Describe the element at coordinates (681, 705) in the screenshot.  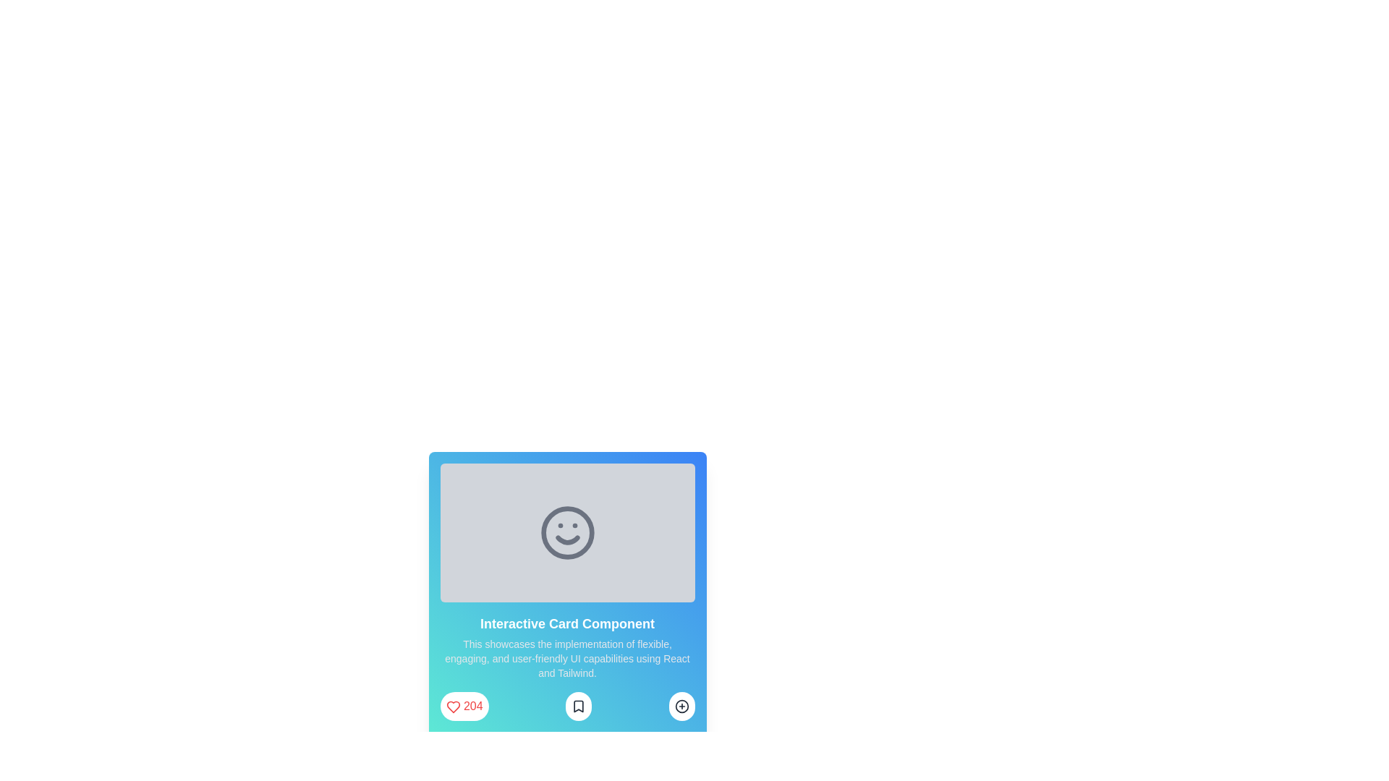
I see `the SVG icon depicting a plus symbol inside a circle located in the lower-right corner of the card component` at that location.